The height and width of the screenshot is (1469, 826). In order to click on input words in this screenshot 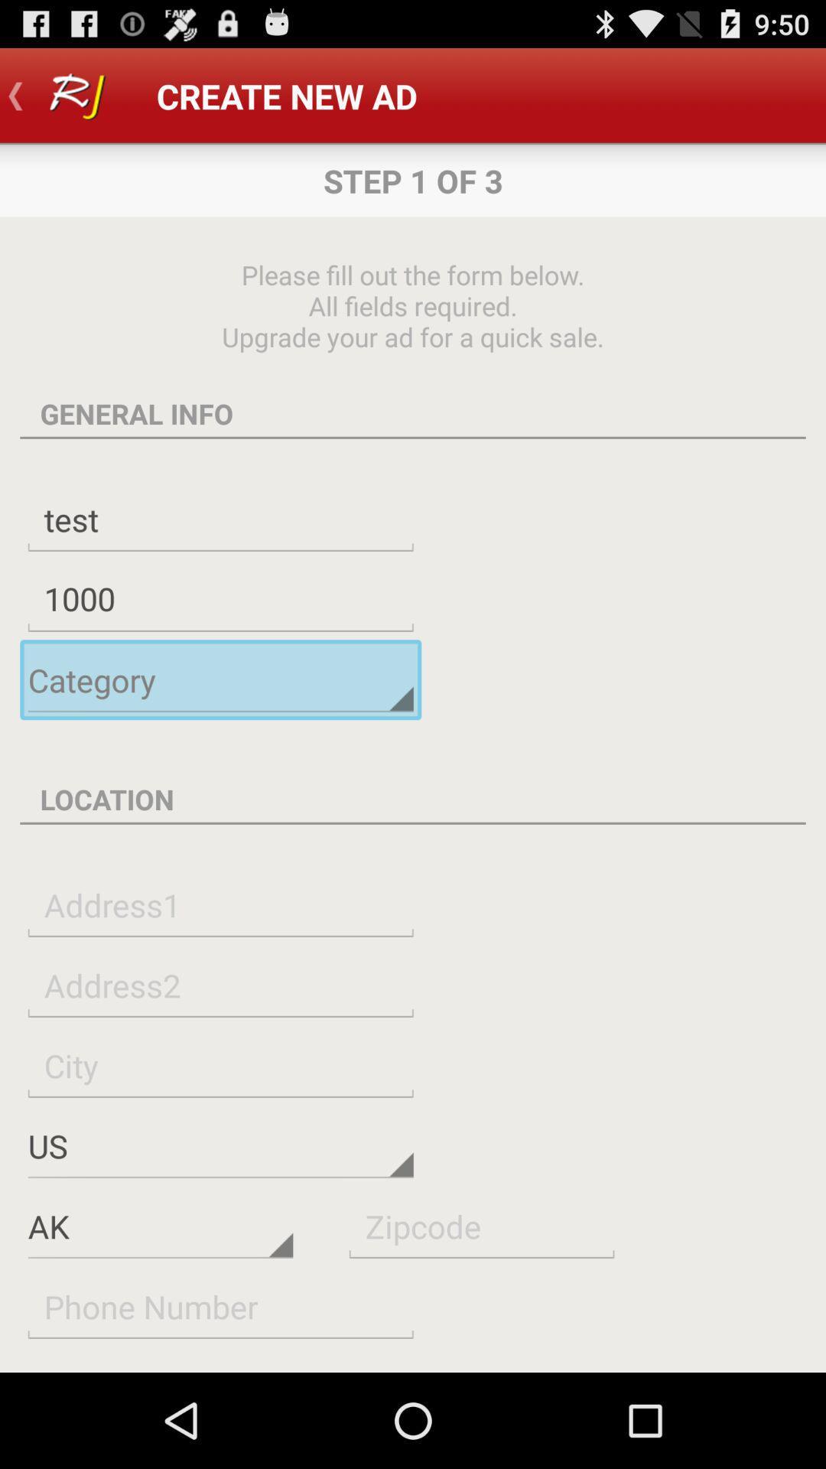, I will do `click(220, 985)`.